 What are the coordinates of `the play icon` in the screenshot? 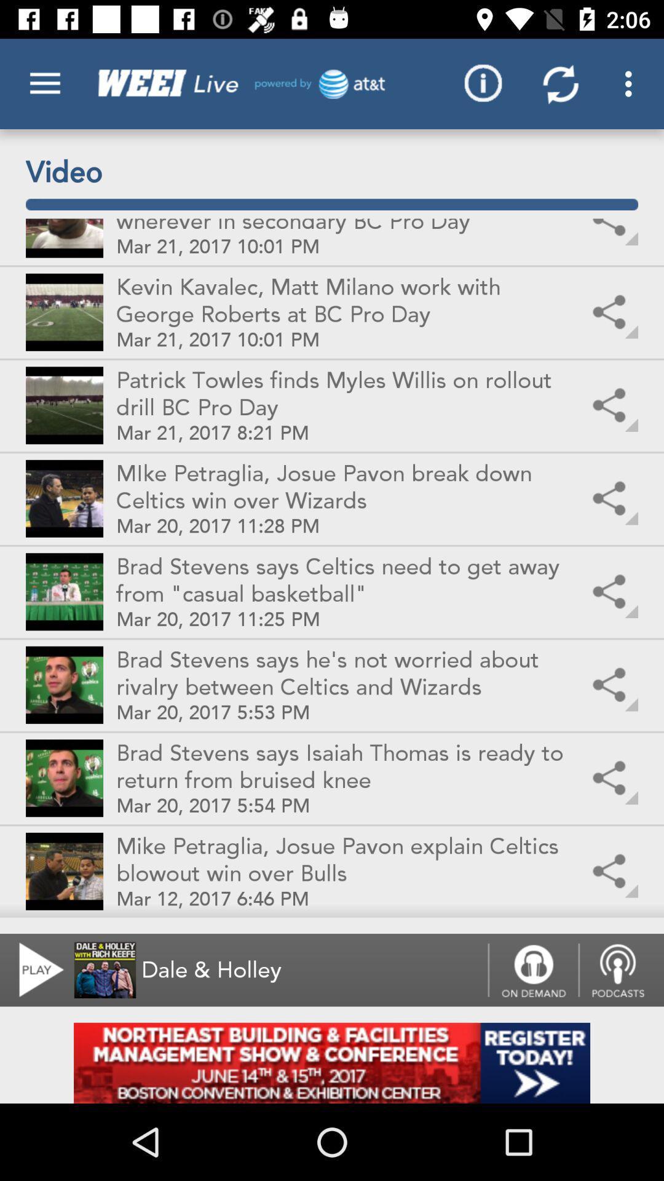 It's located at (33, 969).